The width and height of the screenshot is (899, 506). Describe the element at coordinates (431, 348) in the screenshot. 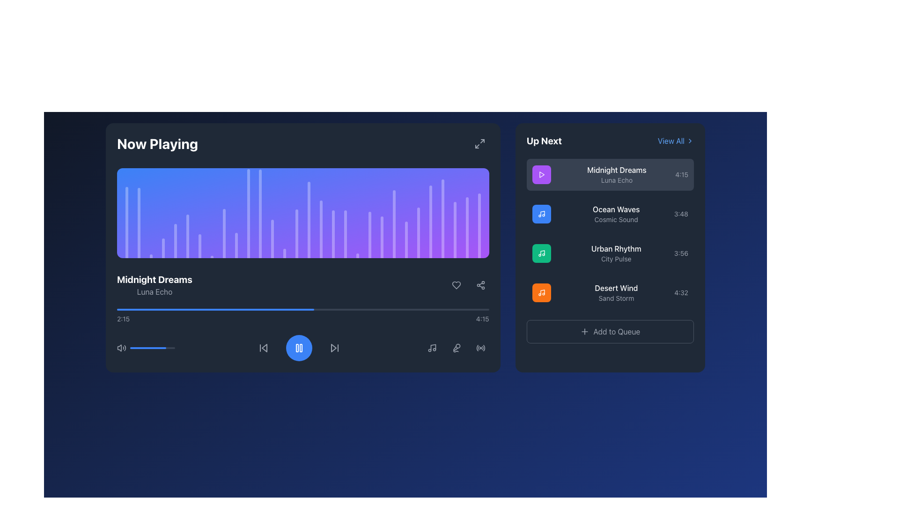

I see `the musical themed icon button located in the bottom center of the main media control bar, to the immediate right of the central play/pause button` at that location.